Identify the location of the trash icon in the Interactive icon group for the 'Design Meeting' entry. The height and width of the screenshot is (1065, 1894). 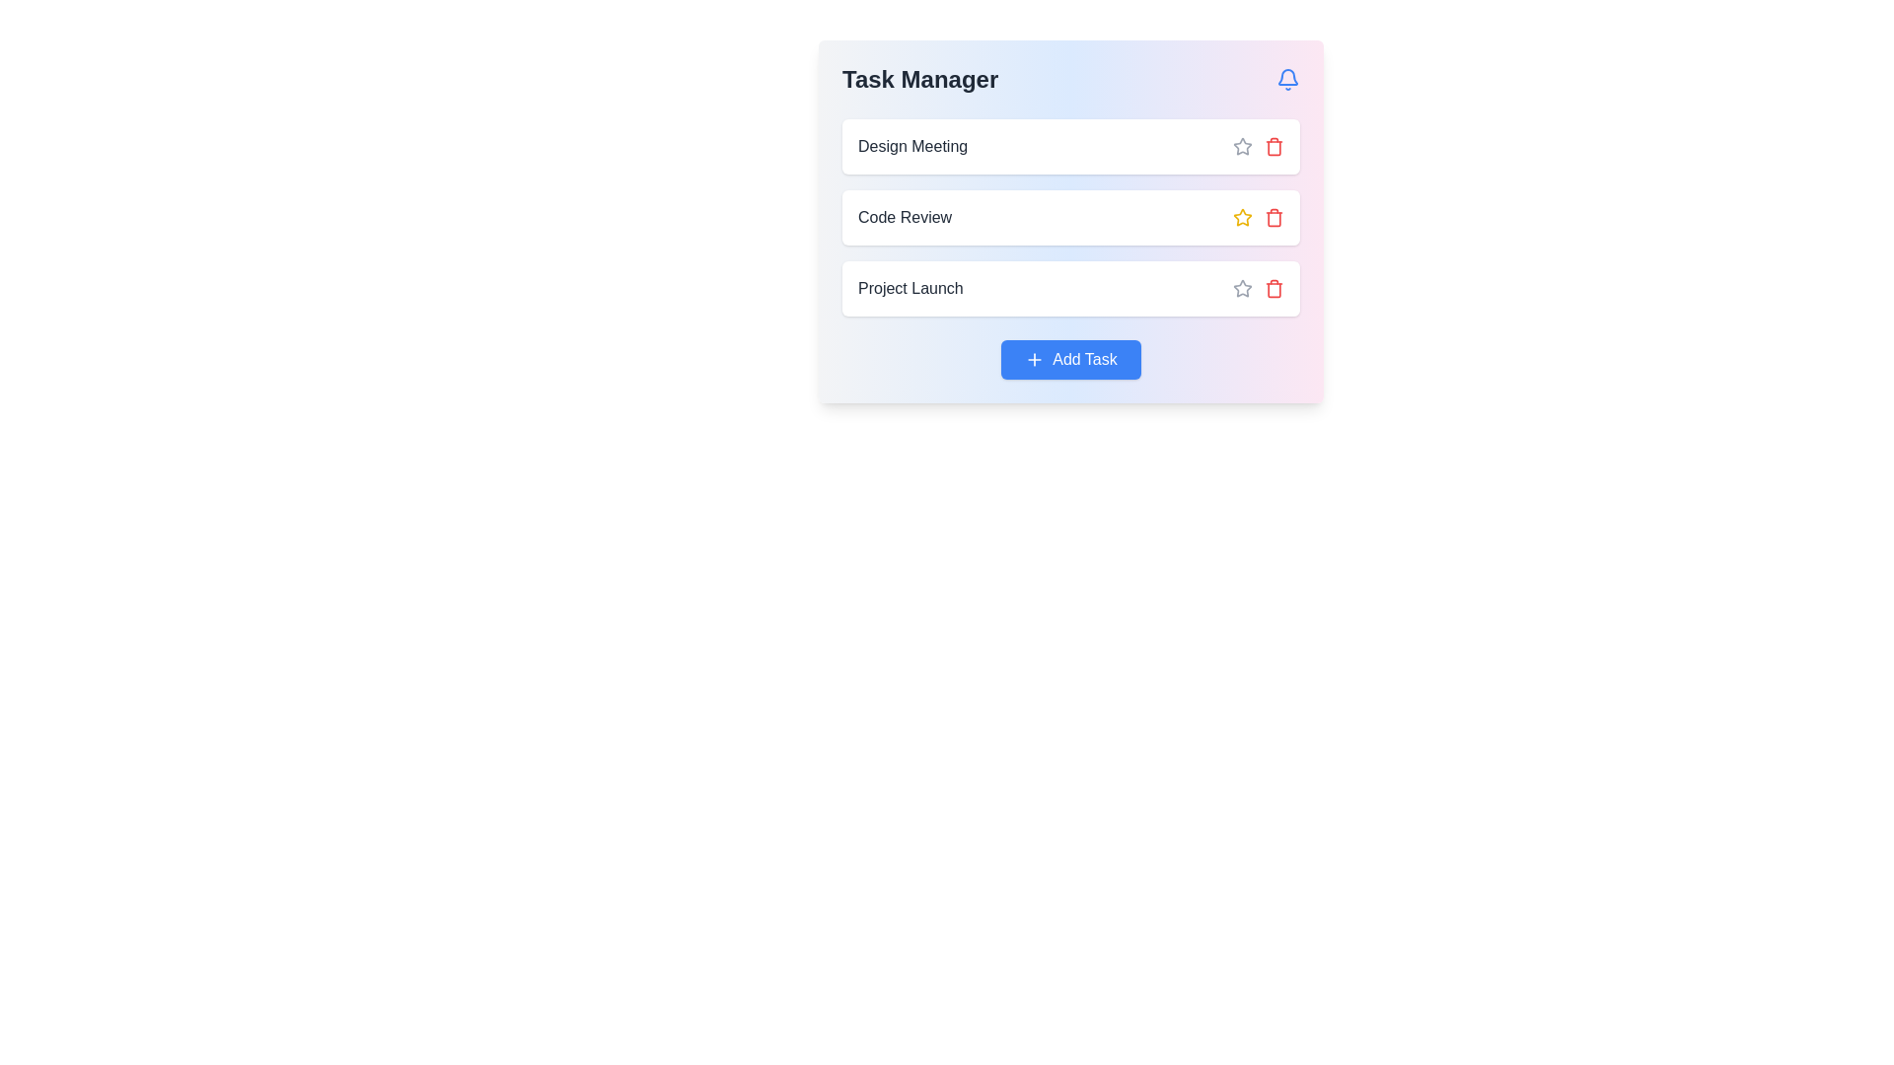
(1258, 146).